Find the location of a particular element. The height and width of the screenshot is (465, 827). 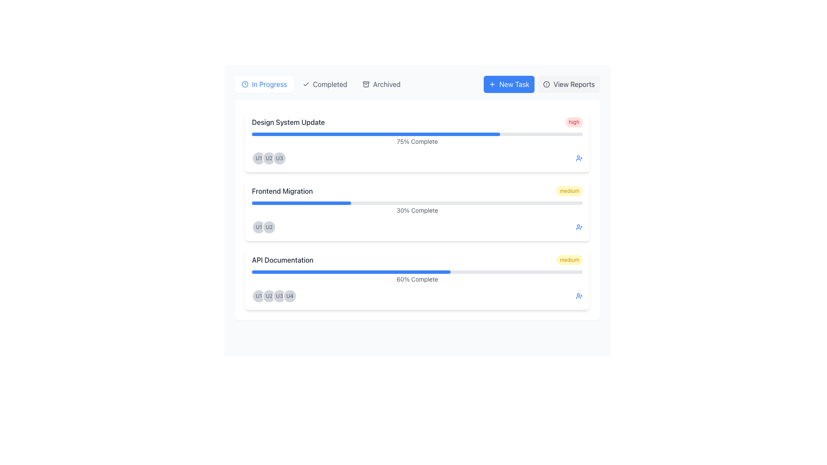

the circular button-like visual element displaying the user identifier 'U1', located in the lower section of the first task segment labeled 'Design System Update' is located at coordinates (258, 227).